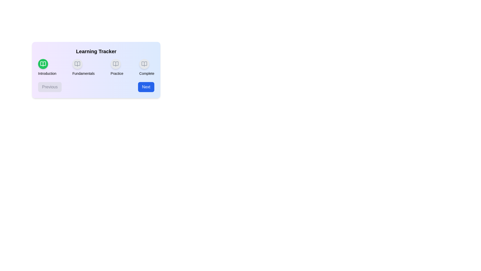  What do you see at coordinates (83, 74) in the screenshot?
I see `'Fundamentals' text label, which is styled with a small font size and medium weight, located below a circular book icon and positioned between 'Introduction' and 'Practice' in the Learning Tracker sequence` at bounding box center [83, 74].